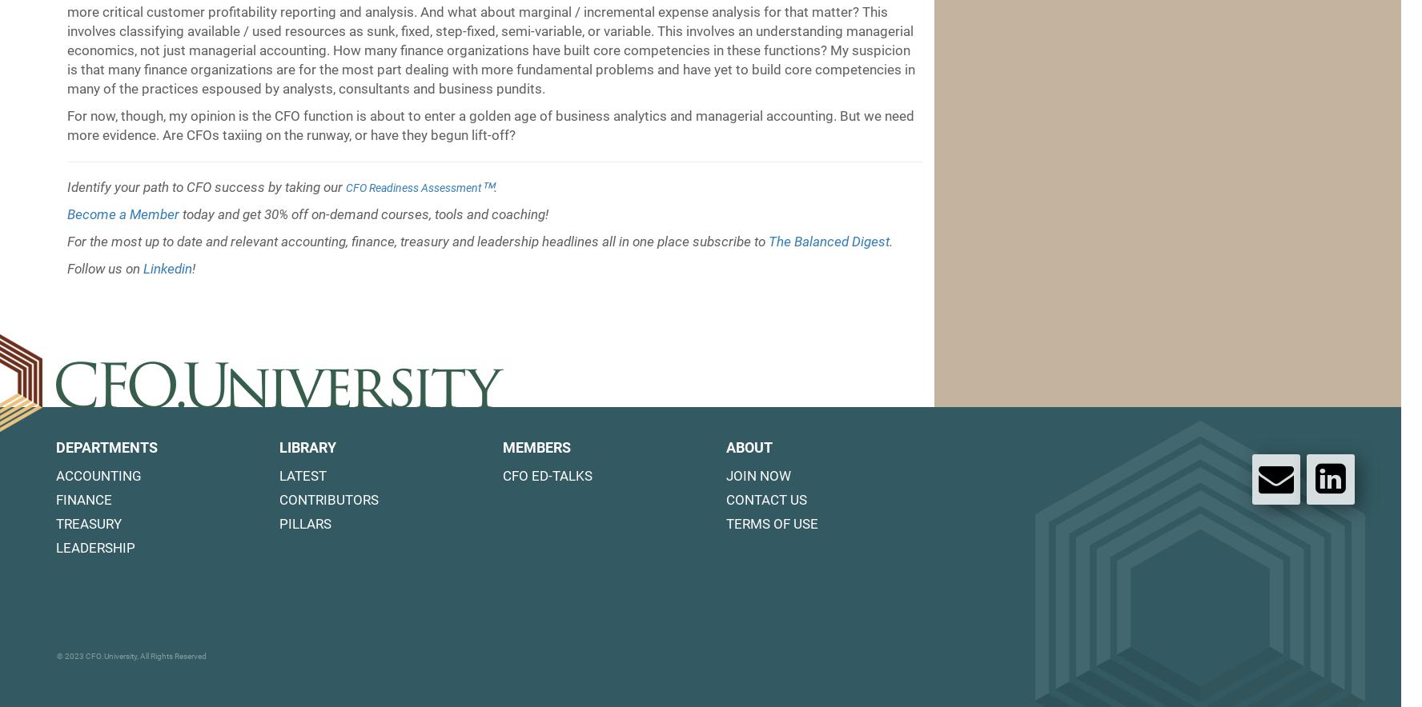 The image size is (1422, 707). What do you see at coordinates (345, 187) in the screenshot?
I see `'CFO Readiness Assessmentᵀᴹ'` at bounding box center [345, 187].